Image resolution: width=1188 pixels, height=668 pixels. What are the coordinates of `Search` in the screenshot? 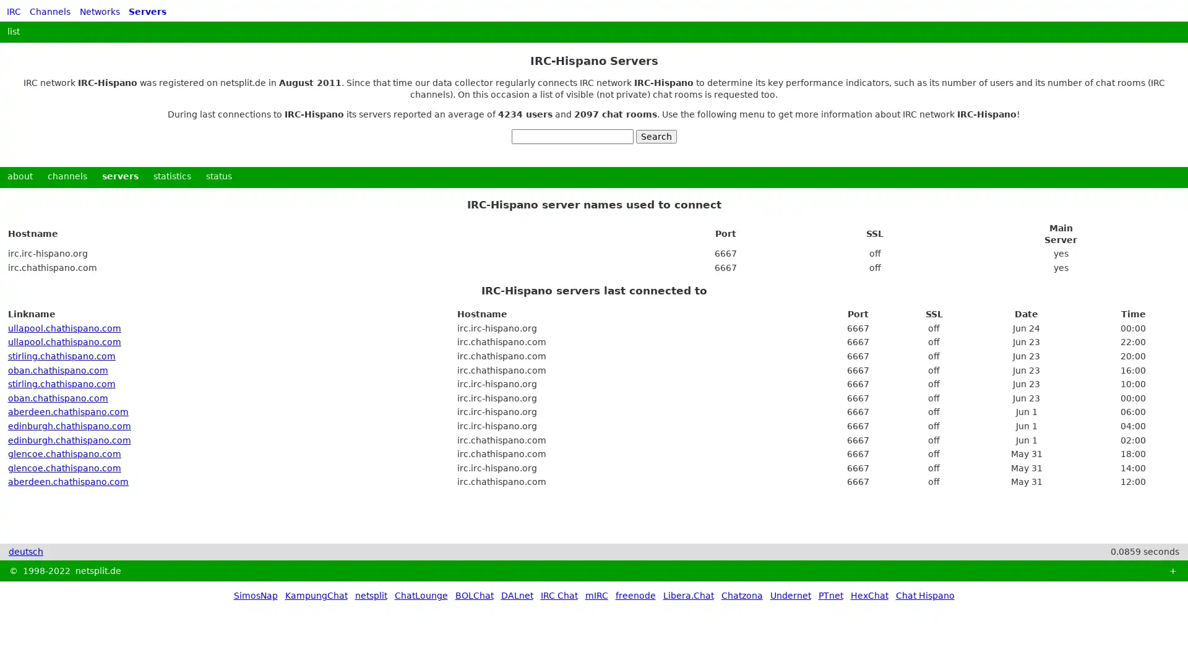 It's located at (655, 135).